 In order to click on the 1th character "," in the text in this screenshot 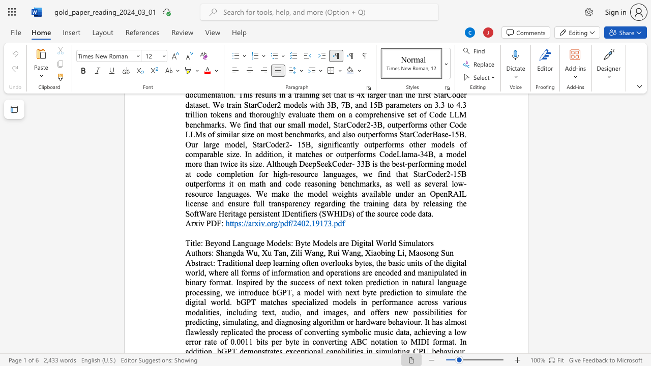, I will do `click(324, 252)`.